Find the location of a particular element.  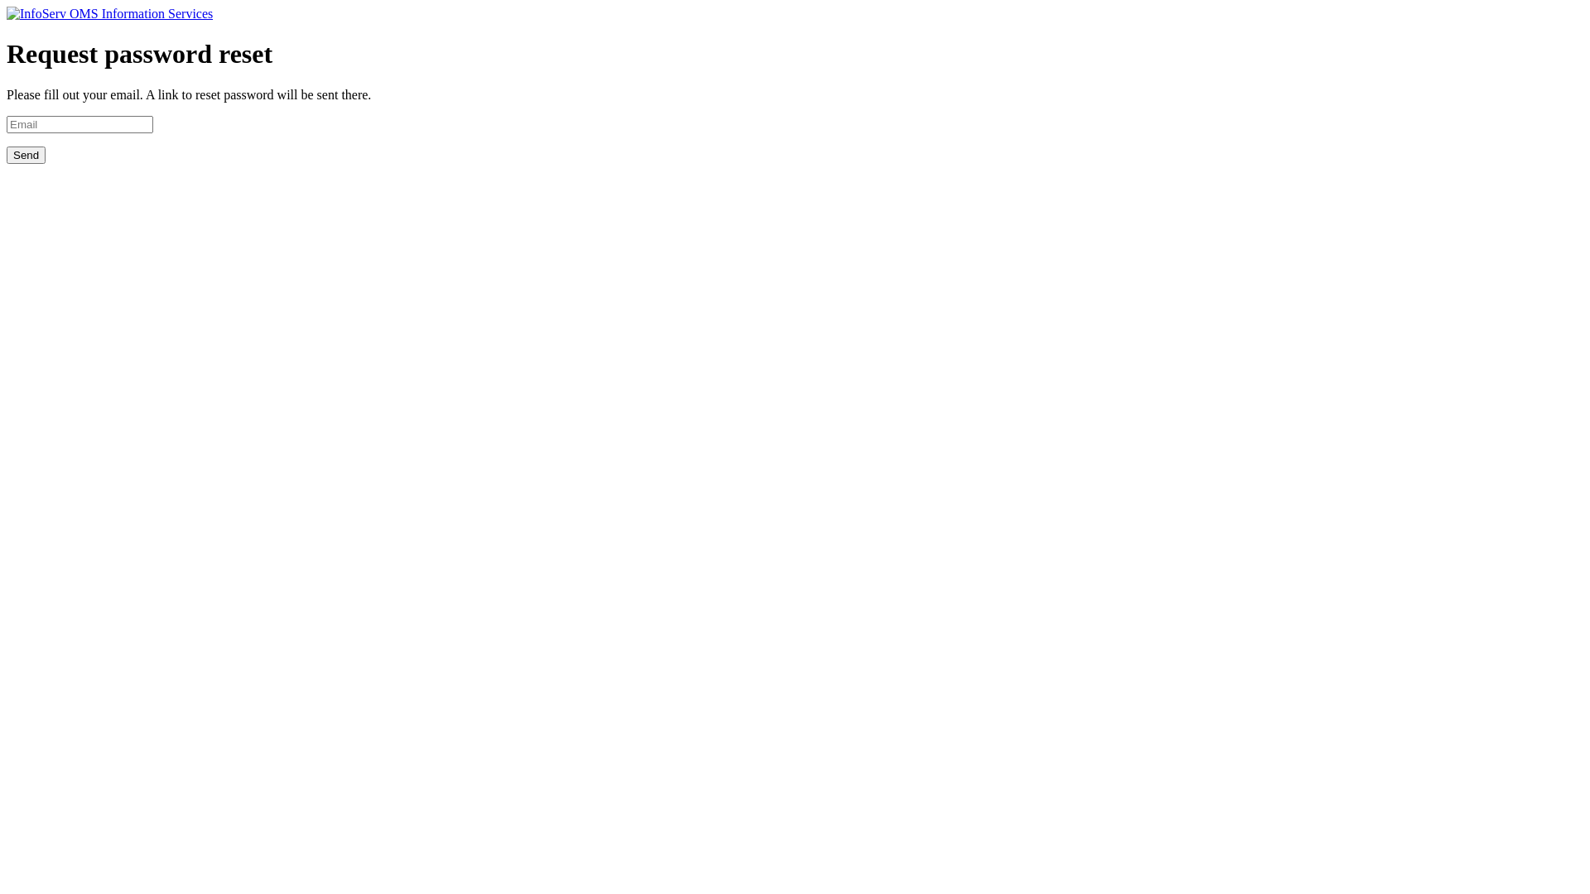

'Send' is located at coordinates (26, 155).